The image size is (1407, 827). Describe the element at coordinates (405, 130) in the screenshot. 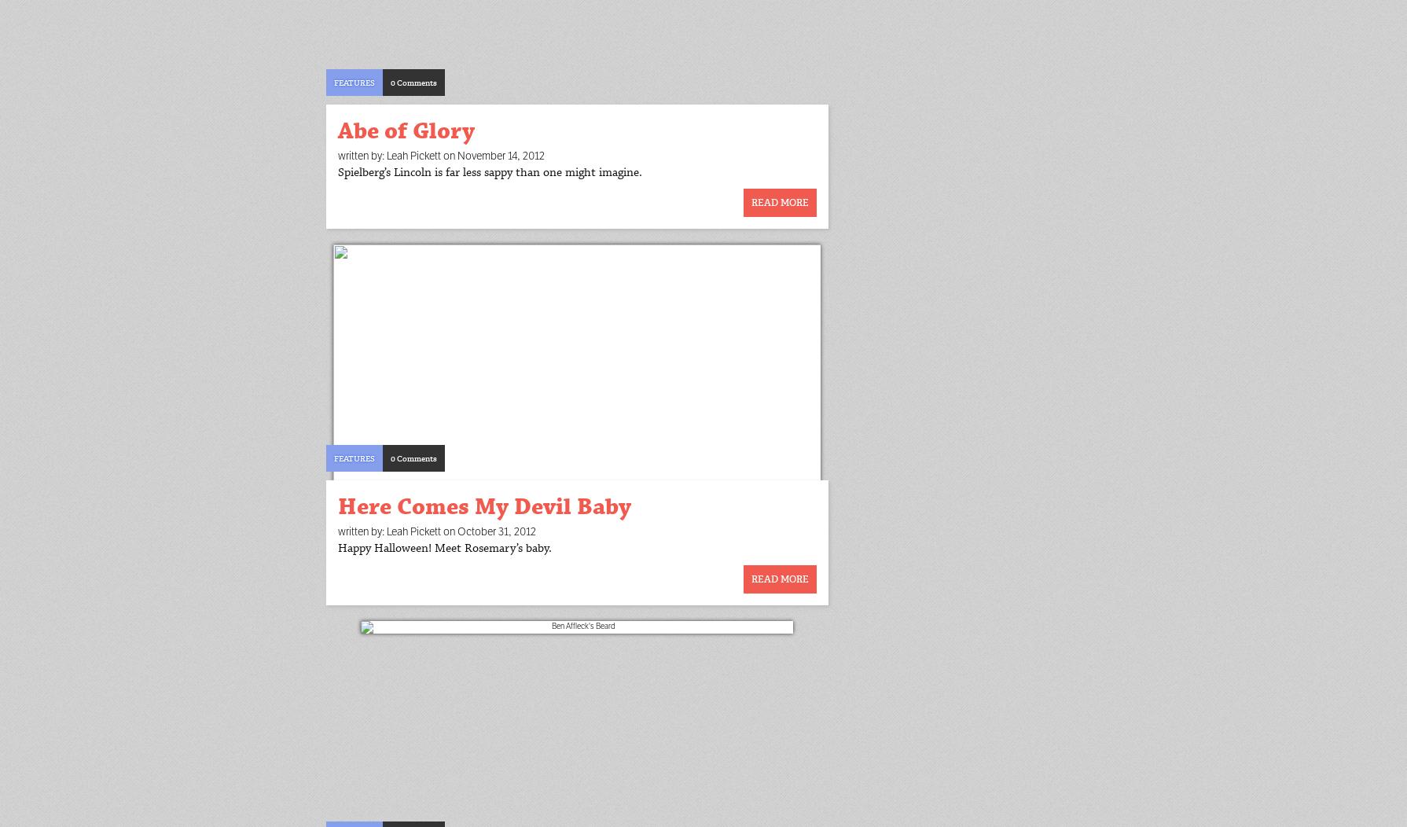

I see `'Abe of Glory'` at that location.